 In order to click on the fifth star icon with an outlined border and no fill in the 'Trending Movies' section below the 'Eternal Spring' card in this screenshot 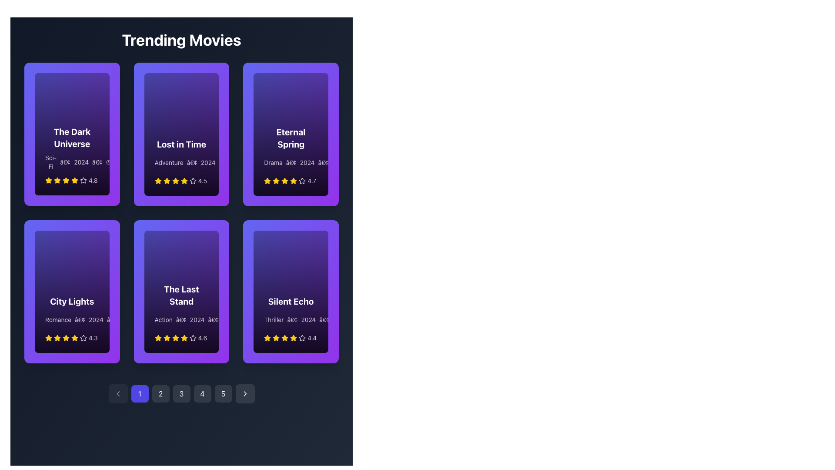, I will do `click(302, 180)`.